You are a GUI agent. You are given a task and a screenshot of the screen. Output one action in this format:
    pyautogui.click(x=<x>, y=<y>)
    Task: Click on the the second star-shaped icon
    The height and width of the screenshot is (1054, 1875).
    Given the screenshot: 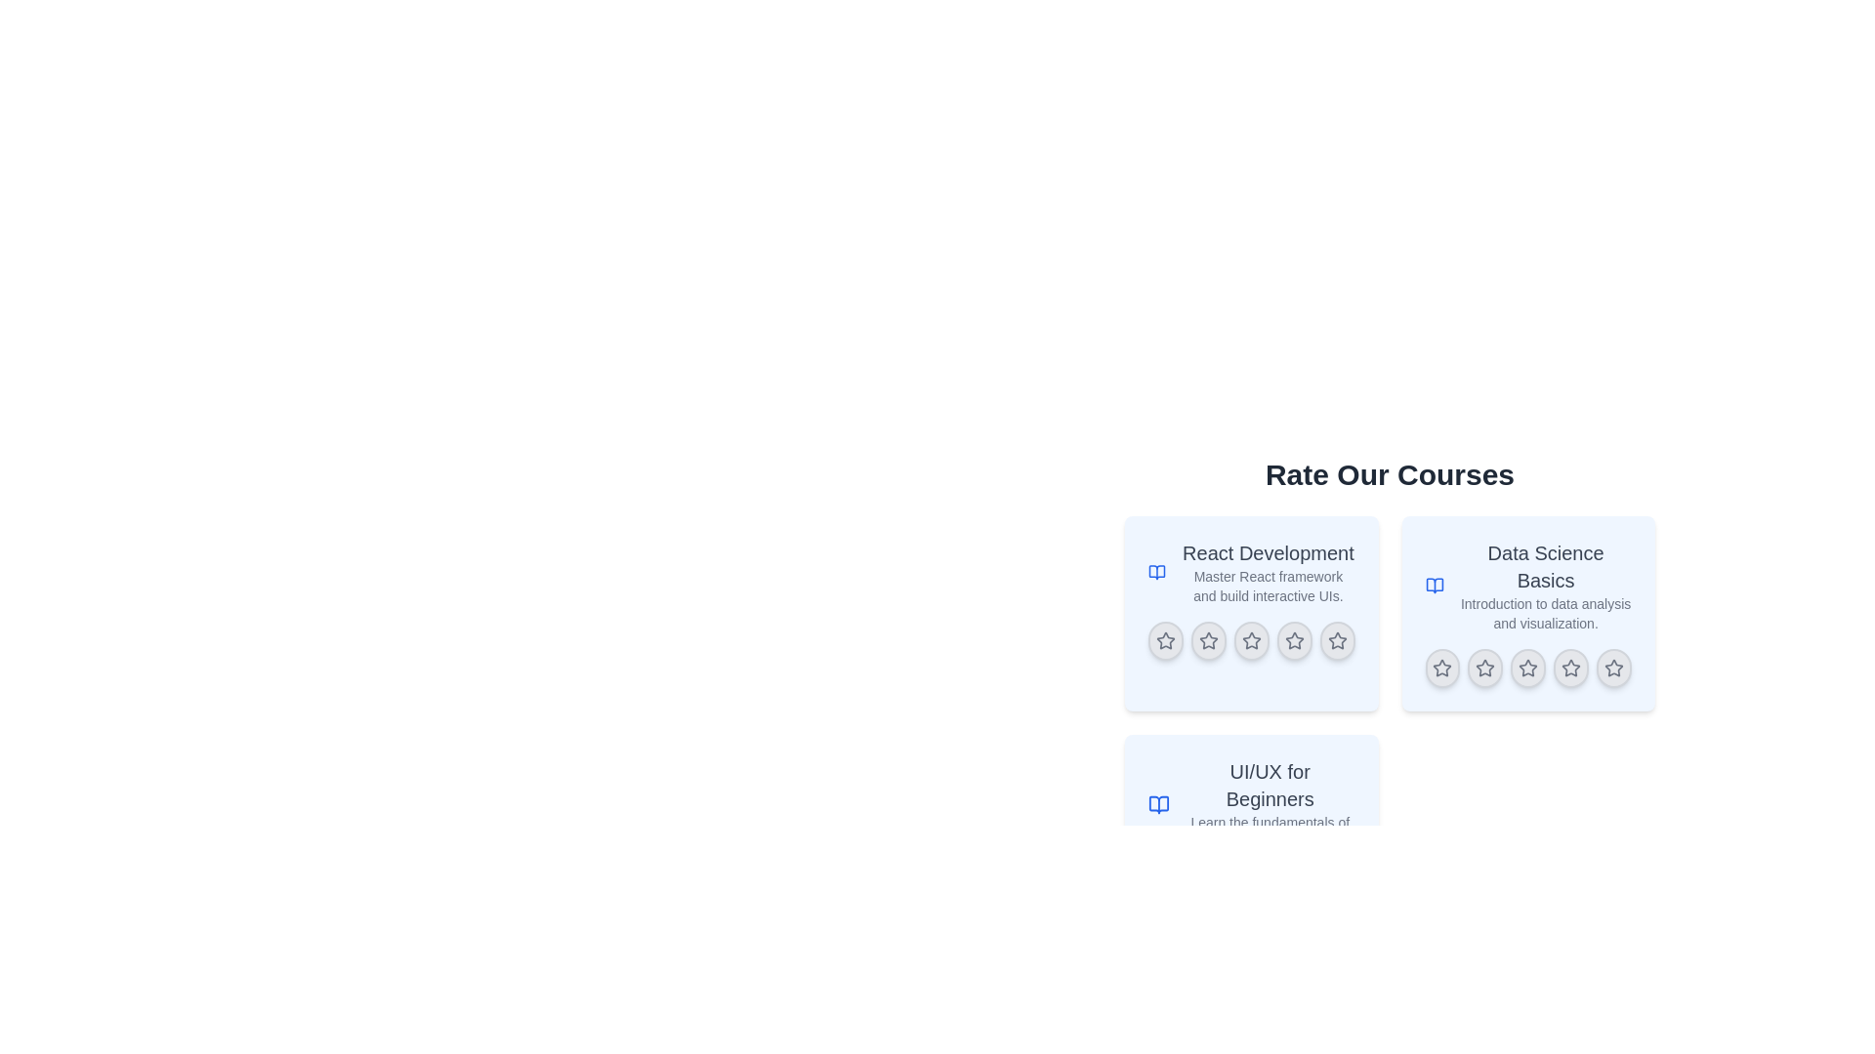 What is the action you would take?
    pyautogui.click(x=1207, y=639)
    